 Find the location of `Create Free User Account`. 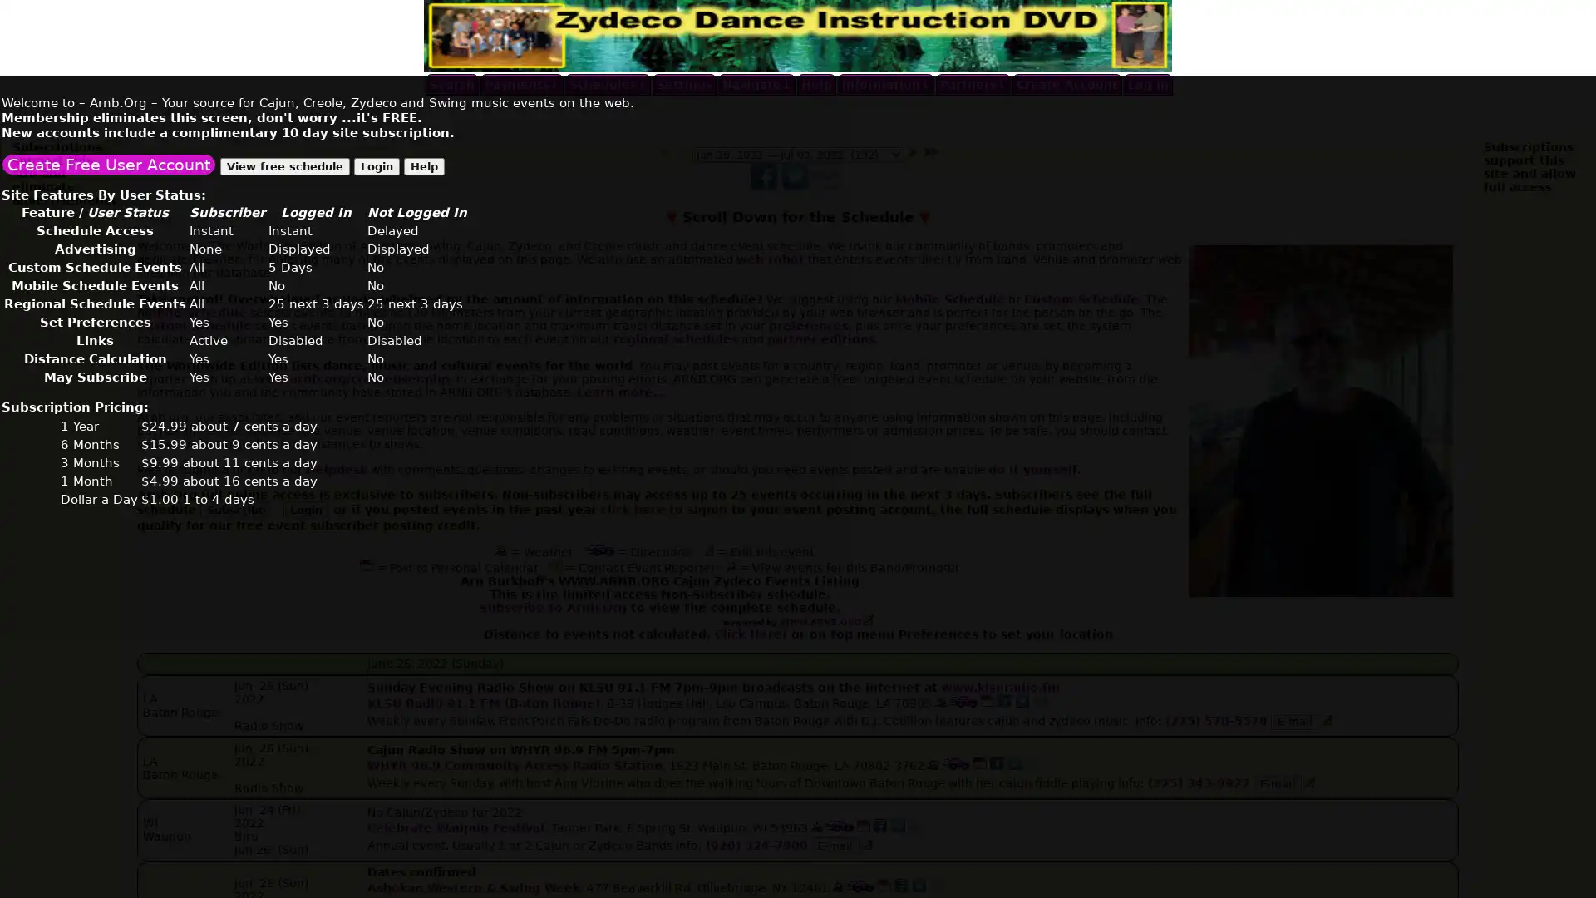

Create Free User Account is located at coordinates (107, 163).